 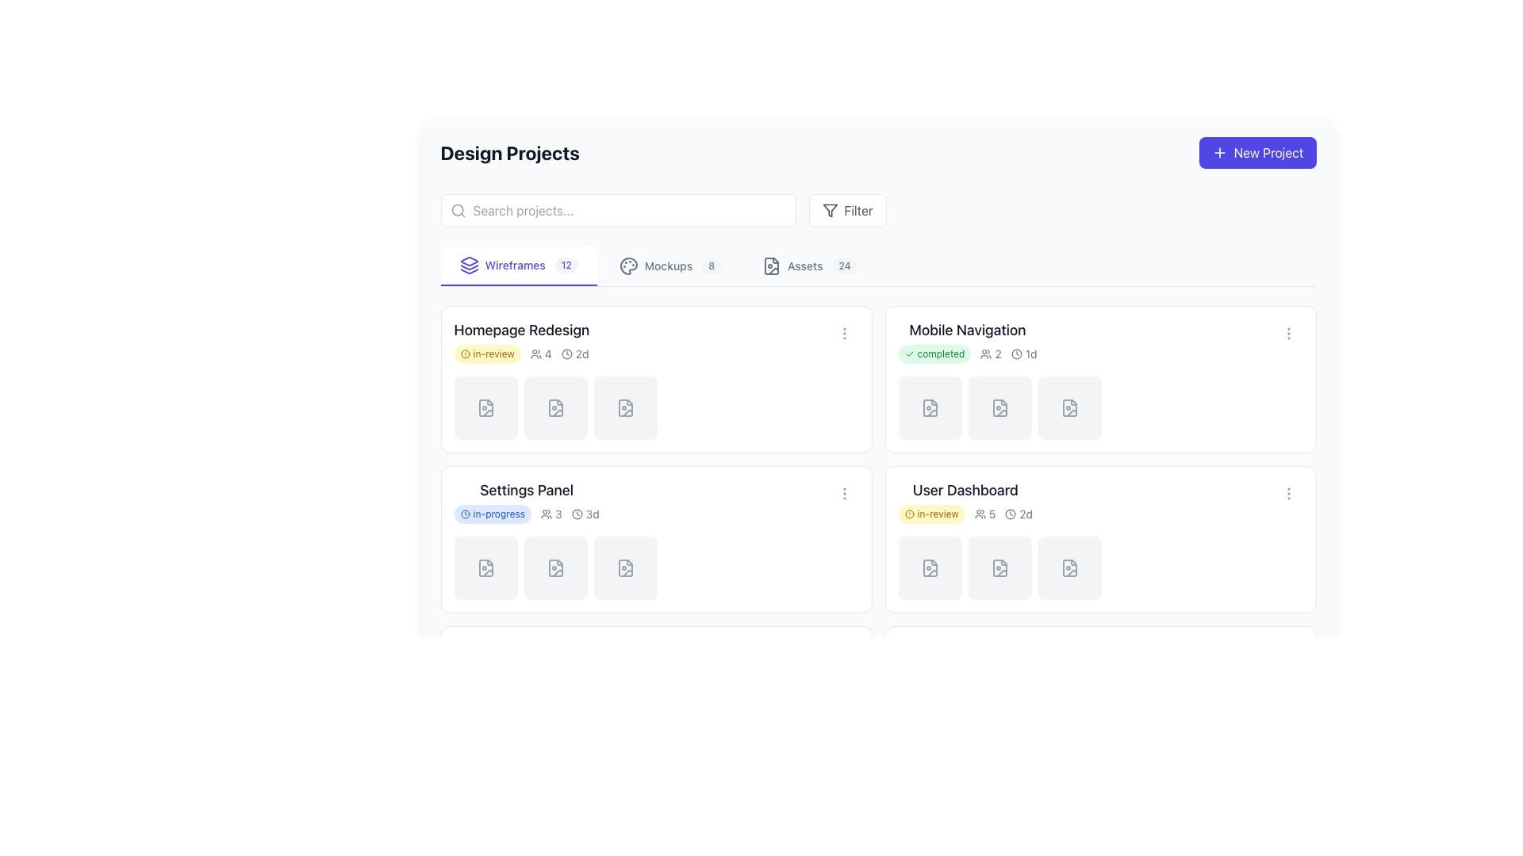 I want to click on the adjacent elements of the completed status badge located in the top-right corner of the 'Mobile Navigation' design project card, so click(x=934, y=353).